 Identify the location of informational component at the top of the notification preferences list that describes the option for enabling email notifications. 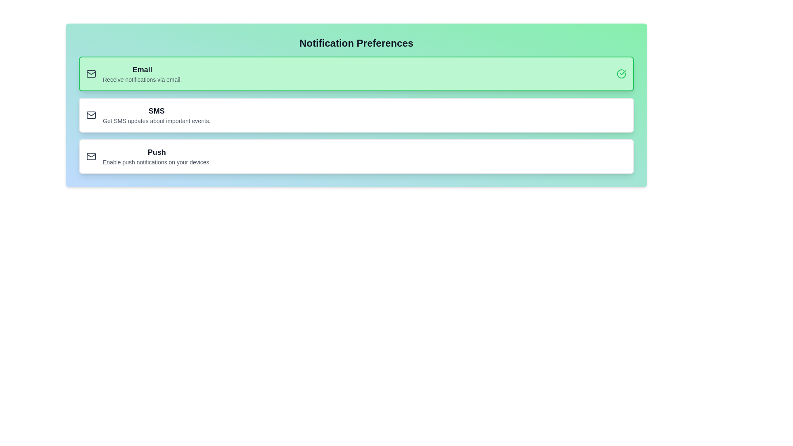
(142, 73).